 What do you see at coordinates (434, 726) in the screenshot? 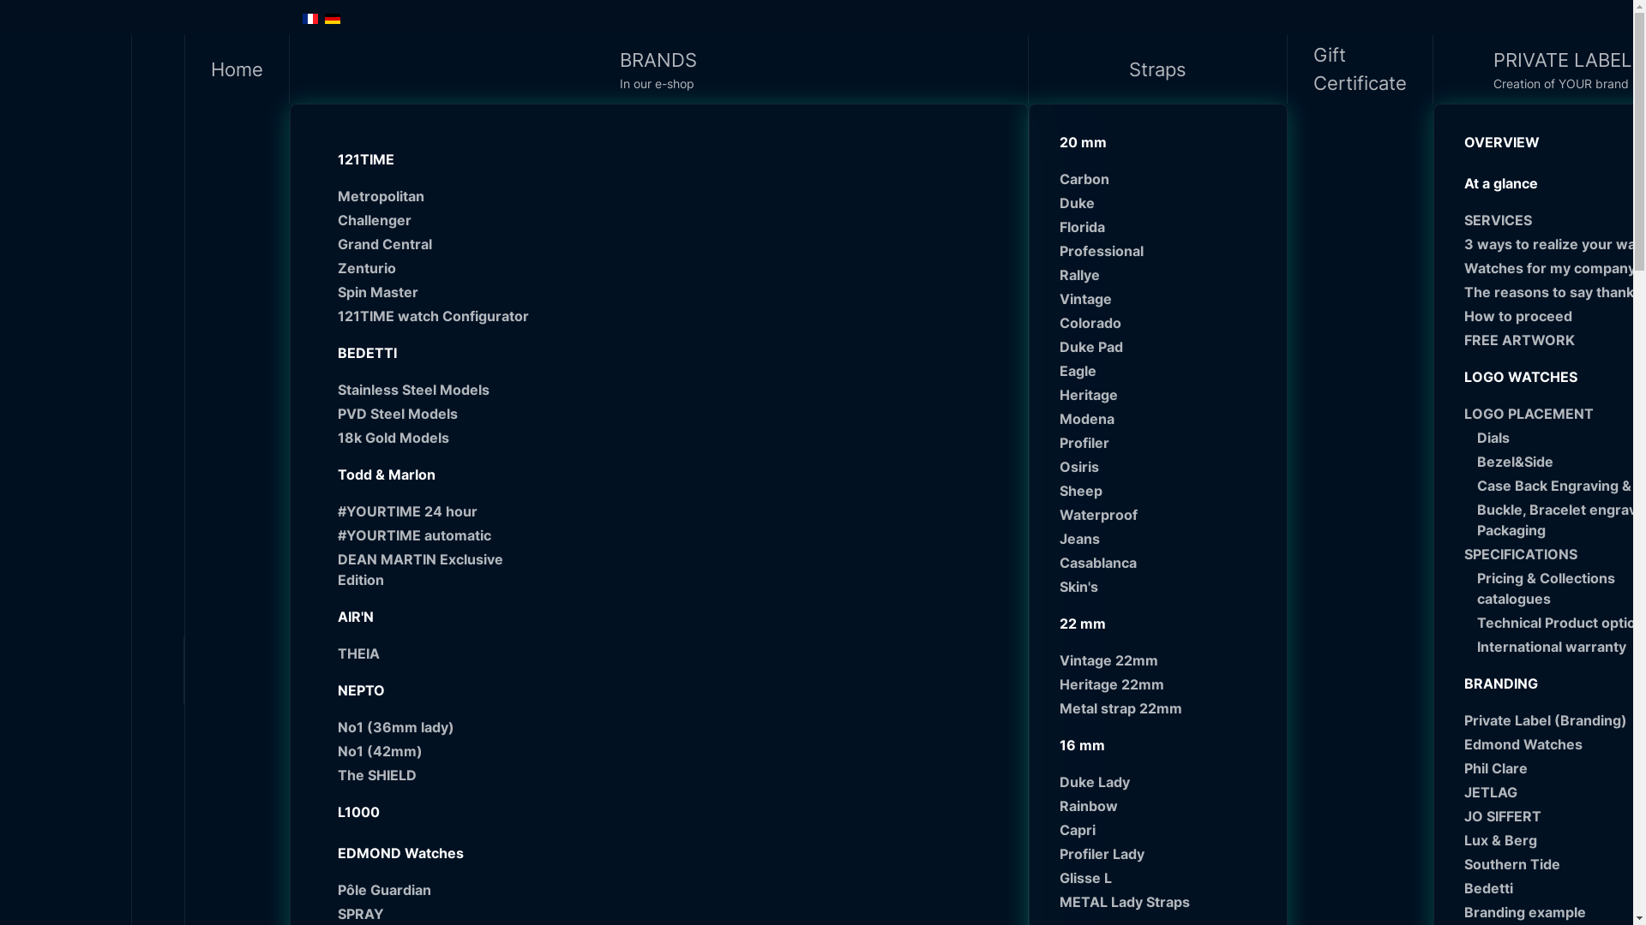
I see `'No1 (36mm lady)'` at bounding box center [434, 726].